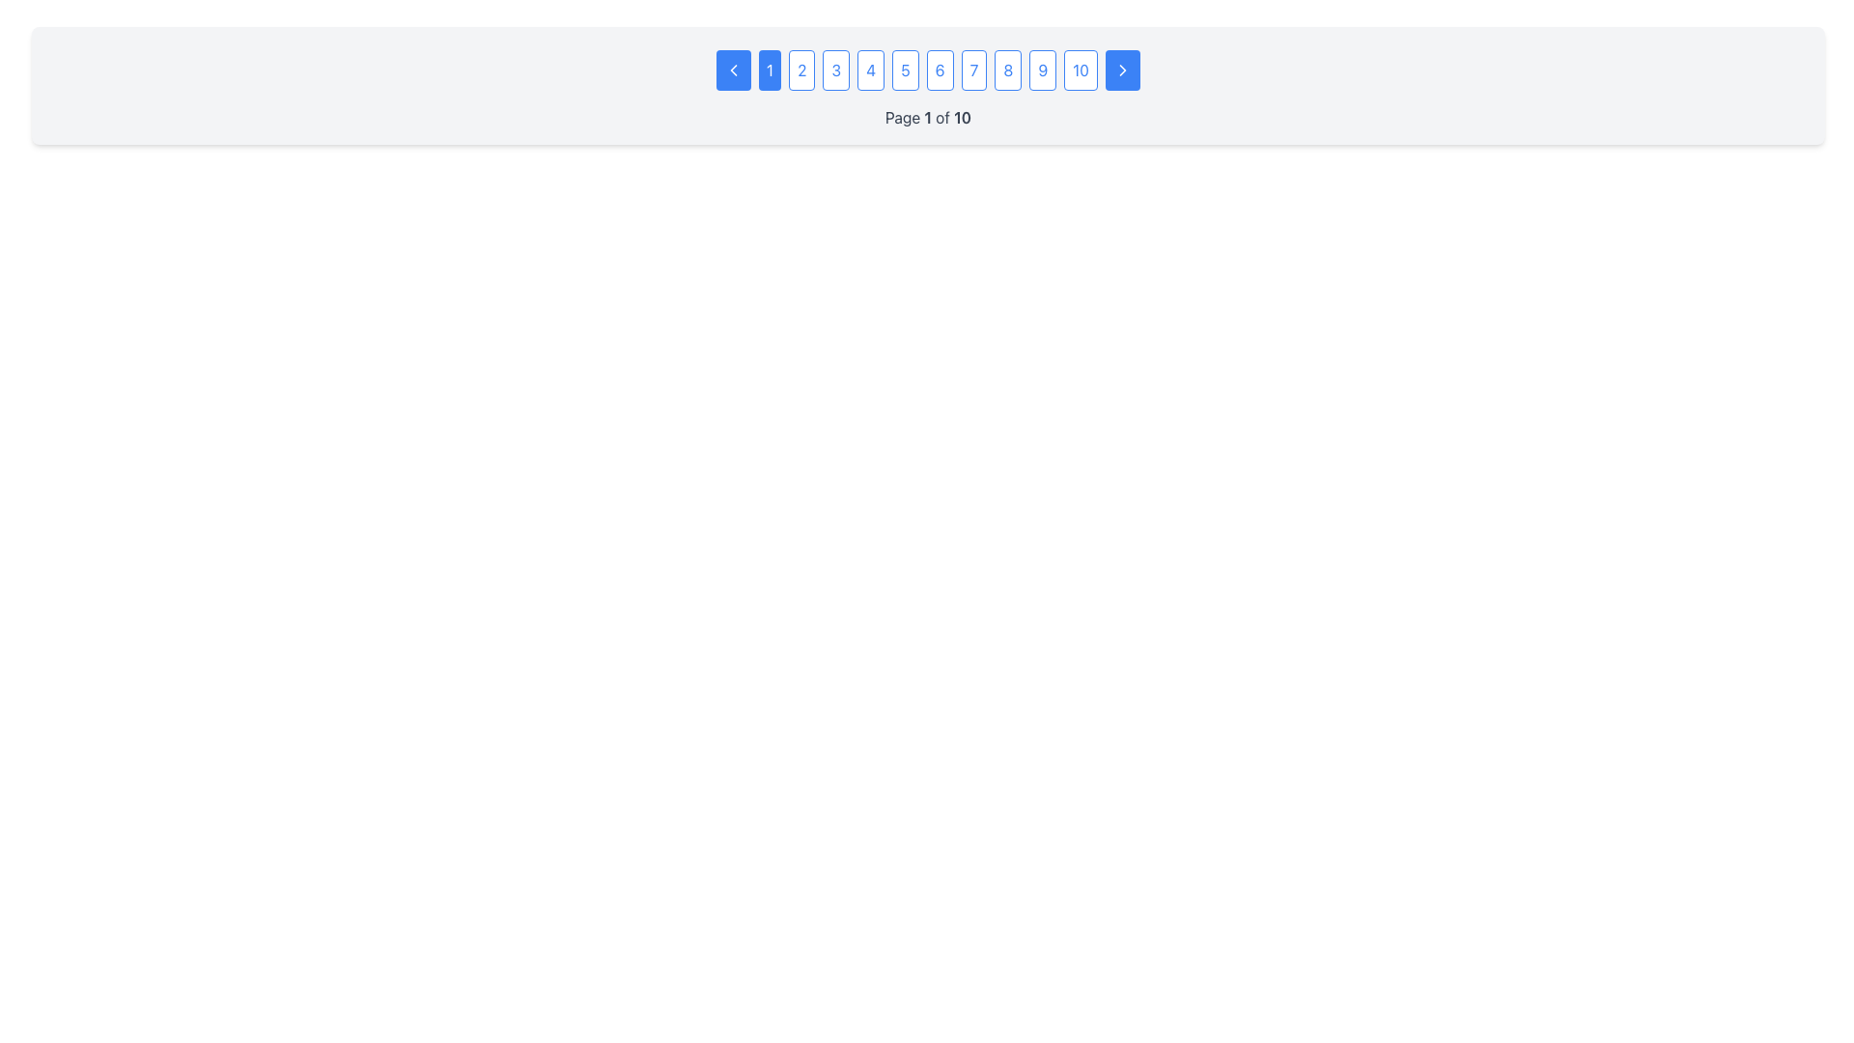  Describe the element at coordinates (940, 70) in the screenshot. I see `the sixth button in the pagination navigation bar, which has a white background and blue border with the number '6' in blue text` at that location.